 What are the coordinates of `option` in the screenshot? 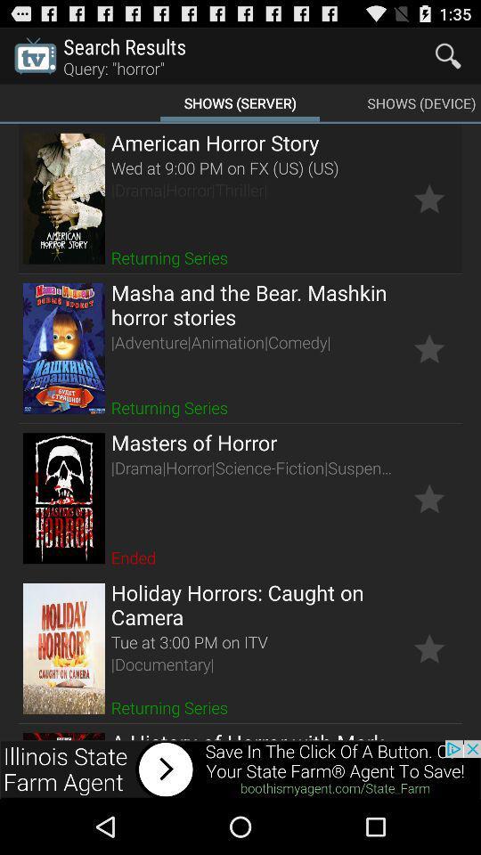 It's located at (428, 199).